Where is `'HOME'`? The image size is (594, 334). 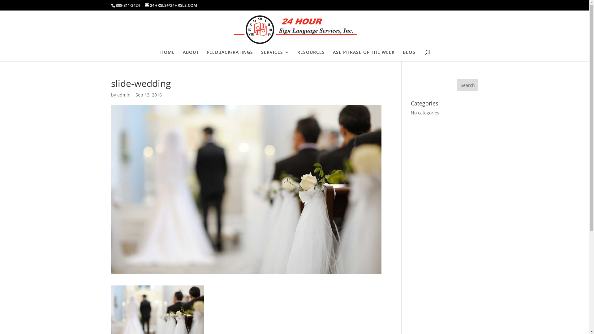 'HOME' is located at coordinates (160, 56).